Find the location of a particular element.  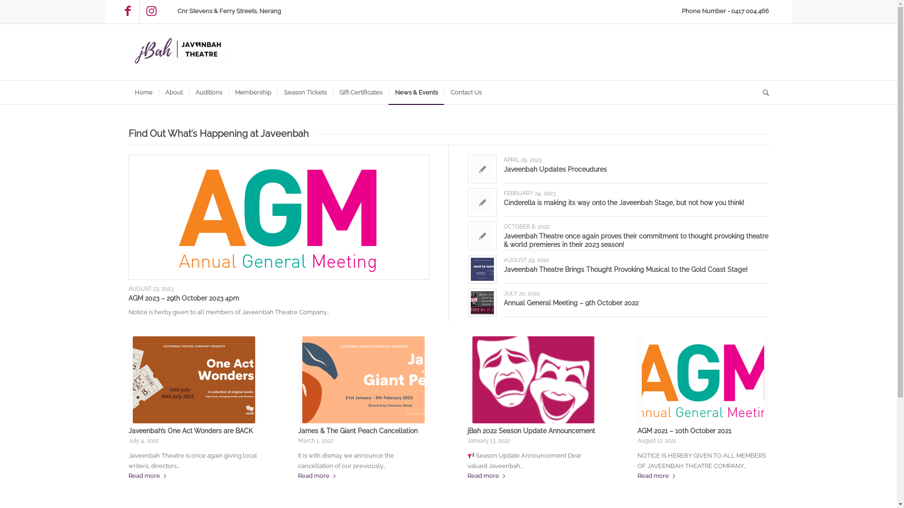

'Instagram' is located at coordinates (151, 11).